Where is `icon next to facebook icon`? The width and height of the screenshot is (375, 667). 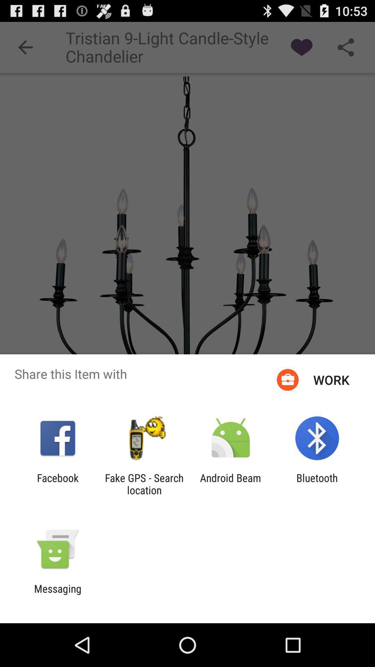 icon next to facebook icon is located at coordinates (144, 484).